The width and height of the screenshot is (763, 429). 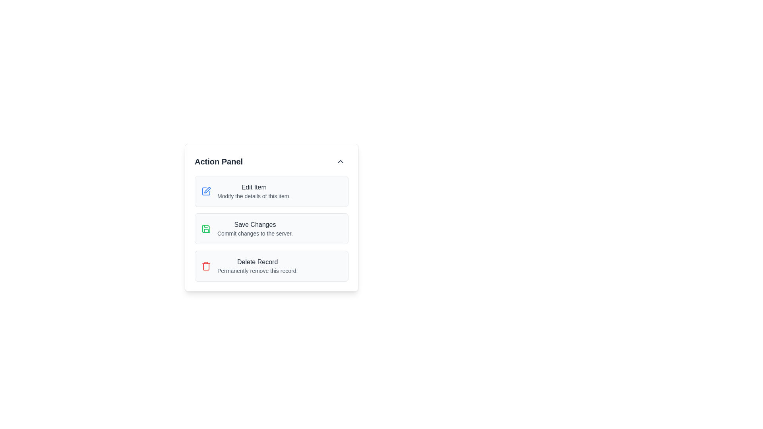 What do you see at coordinates (271, 191) in the screenshot?
I see `the 'Edit Item' button` at bounding box center [271, 191].